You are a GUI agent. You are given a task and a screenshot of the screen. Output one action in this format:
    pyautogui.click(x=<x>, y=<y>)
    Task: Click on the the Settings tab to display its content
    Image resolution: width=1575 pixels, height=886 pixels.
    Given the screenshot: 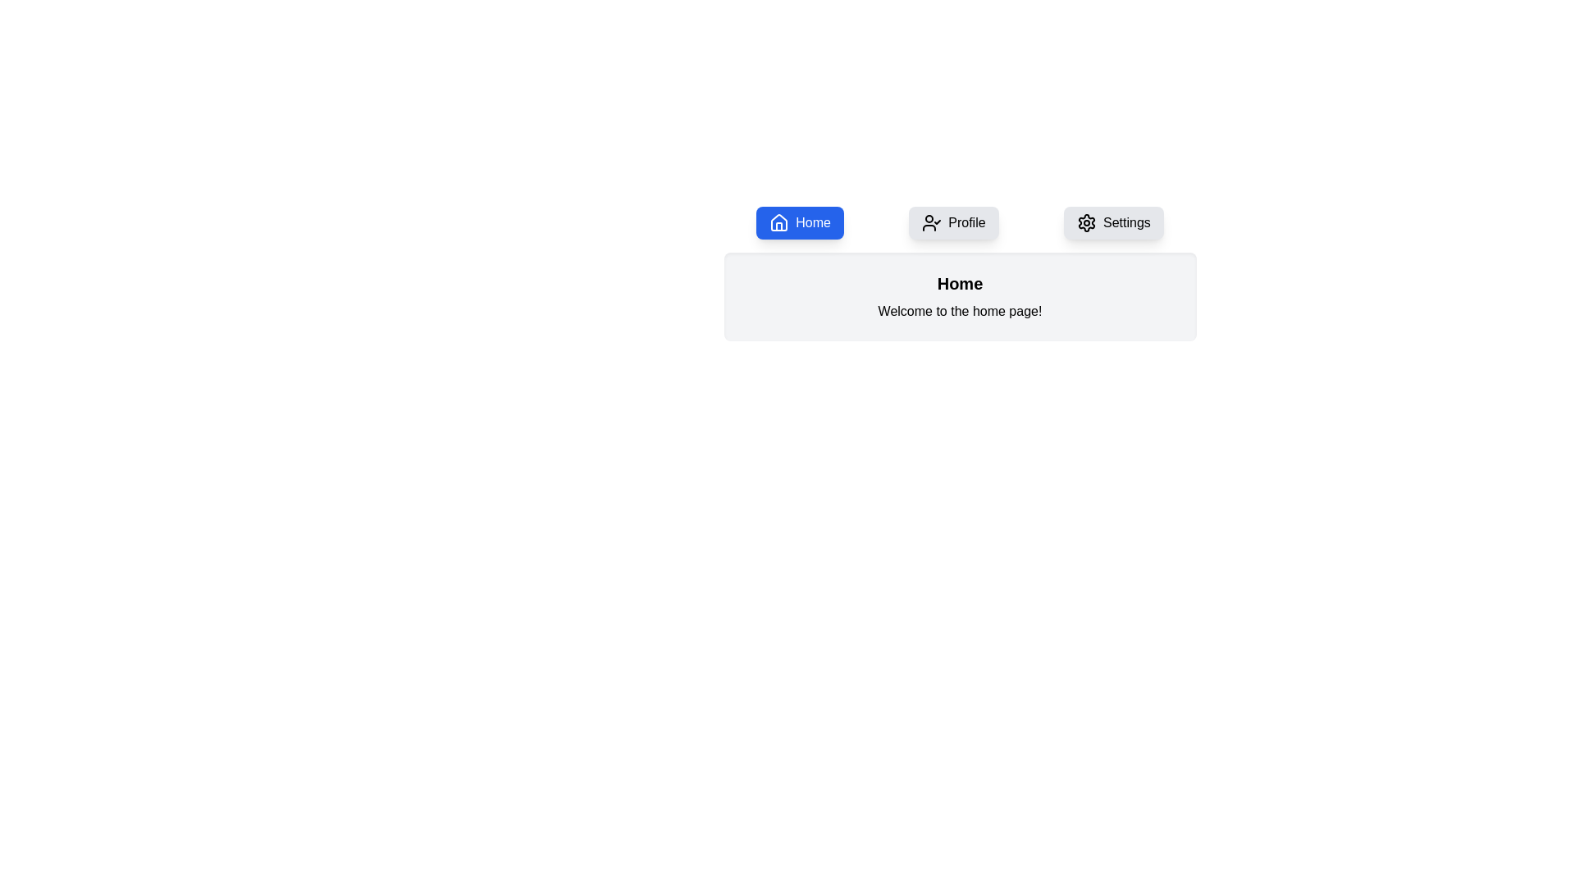 What is the action you would take?
    pyautogui.click(x=1114, y=223)
    